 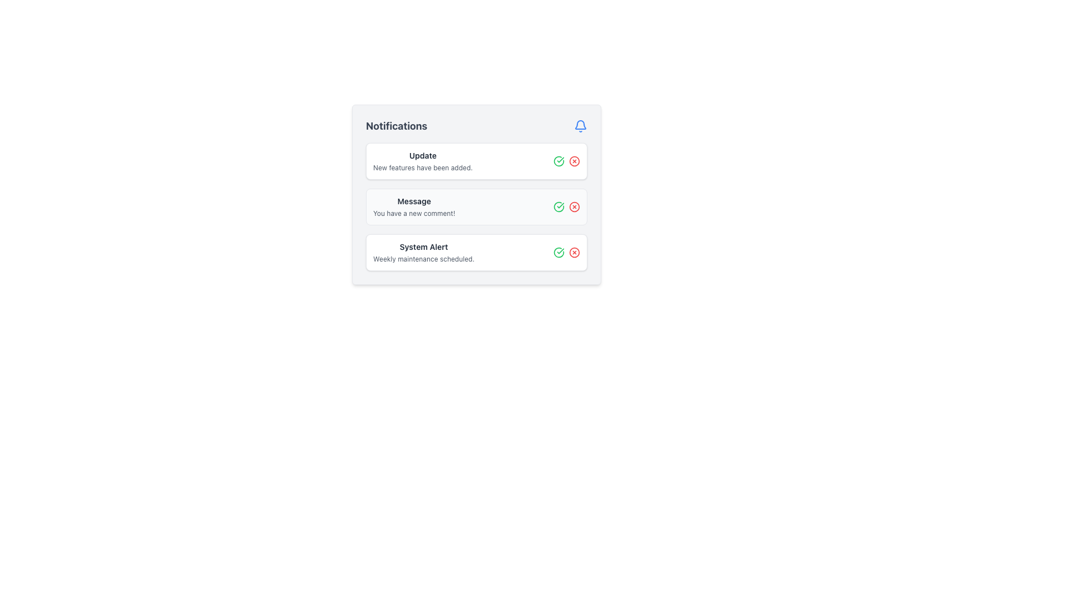 I want to click on the button group in the bottom-right corner of the 'System Alert' notification card, so click(x=566, y=253).